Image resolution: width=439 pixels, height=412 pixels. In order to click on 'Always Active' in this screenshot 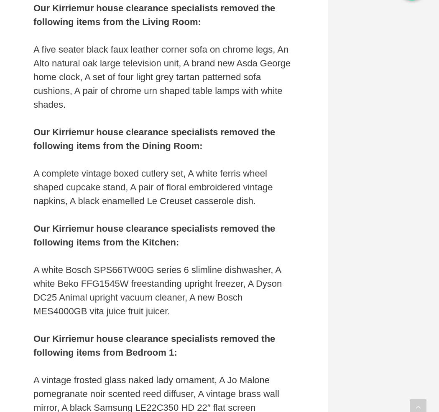, I will do `click(146, 73)`.